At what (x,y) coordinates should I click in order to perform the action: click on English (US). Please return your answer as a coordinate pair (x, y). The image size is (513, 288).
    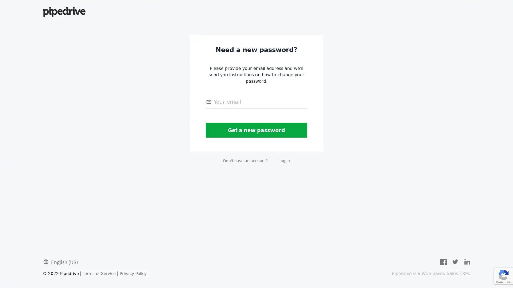
    Looking at the image, I should click on (60, 262).